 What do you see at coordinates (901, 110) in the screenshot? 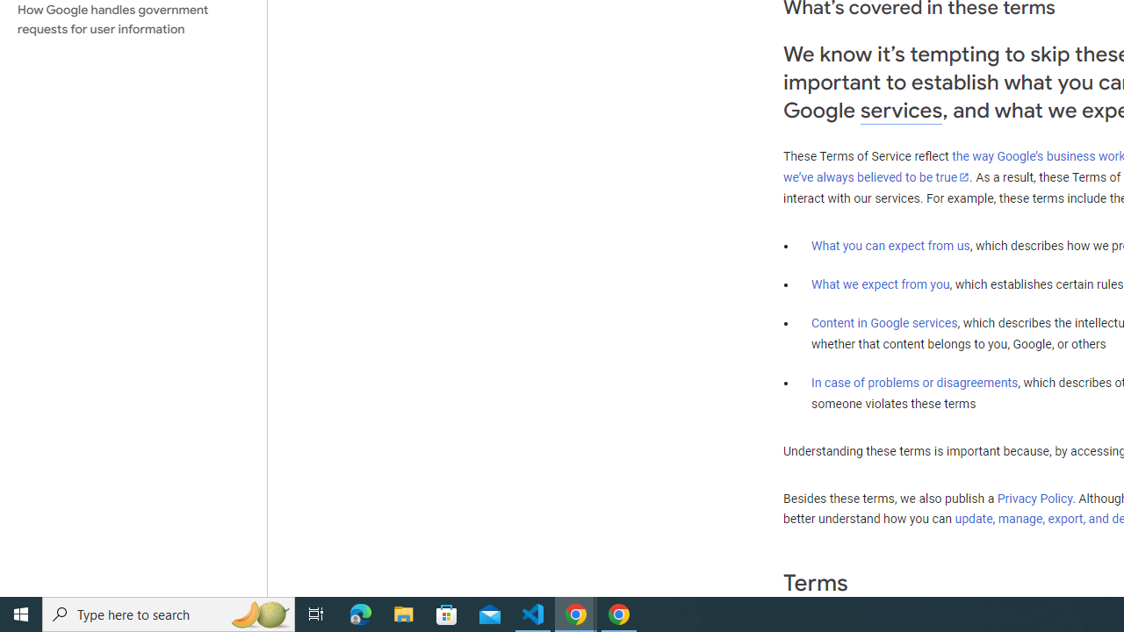
I see `'services'` at bounding box center [901, 110].